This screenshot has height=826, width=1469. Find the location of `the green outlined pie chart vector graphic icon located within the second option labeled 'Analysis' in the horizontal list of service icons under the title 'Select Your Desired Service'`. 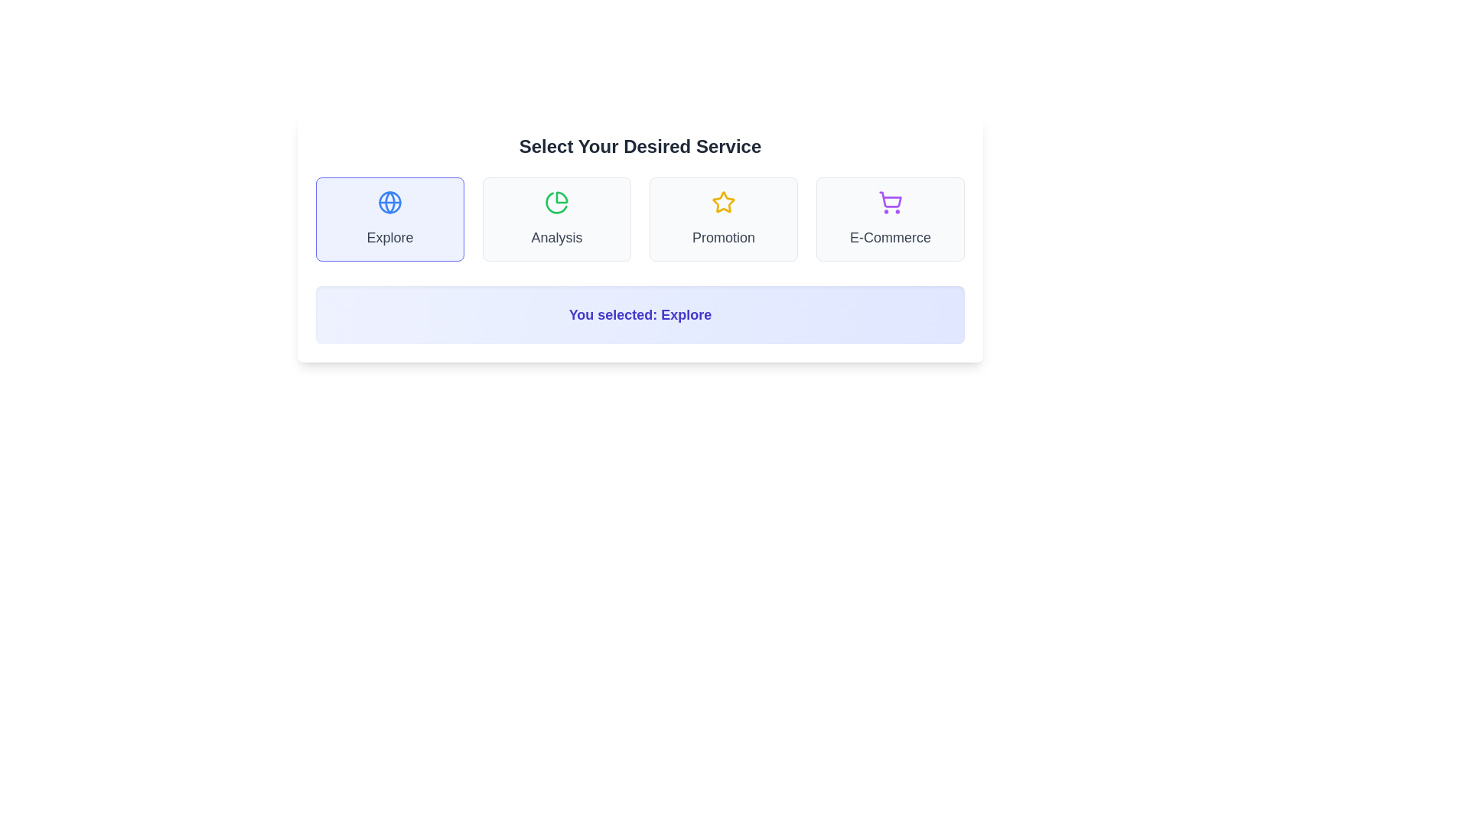

the green outlined pie chart vector graphic icon located within the second option labeled 'Analysis' in the horizontal list of service icons under the title 'Select Your Desired Service' is located at coordinates (555, 202).